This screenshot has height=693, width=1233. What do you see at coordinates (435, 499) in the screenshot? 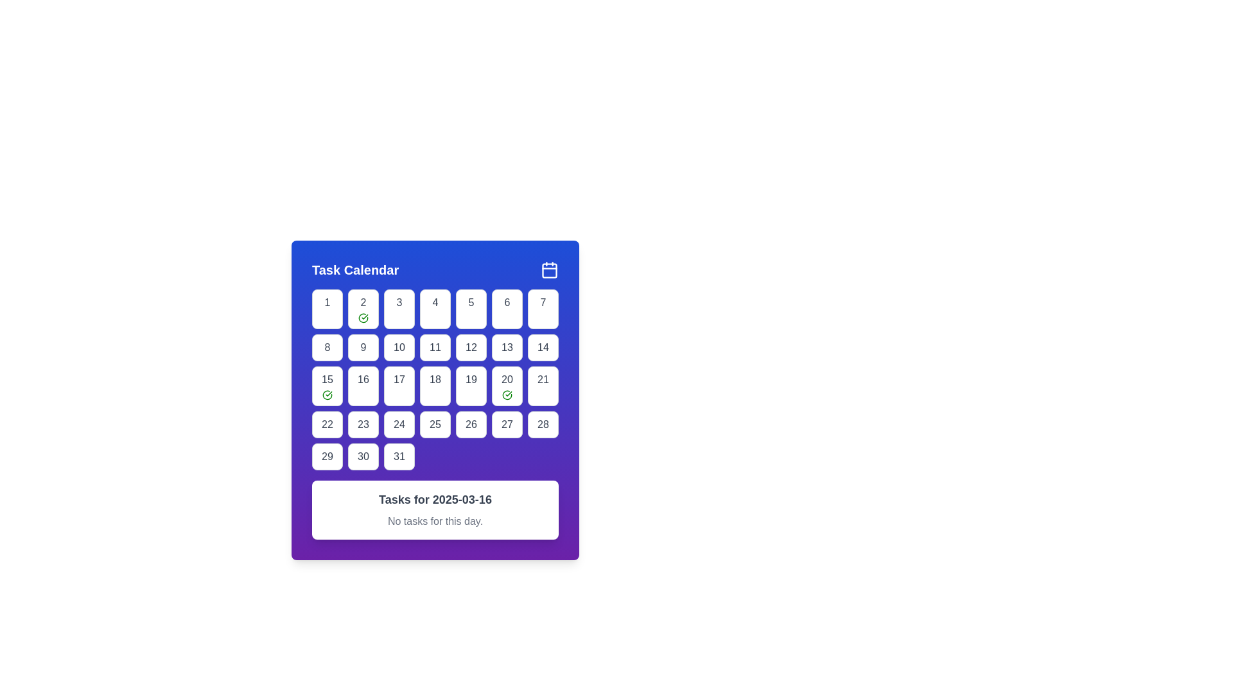
I see `text of the heading element that indicates tasks for the date '2025-03-16', located above the smaller text element 'No tasks for this day'` at bounding box center [435, 499].